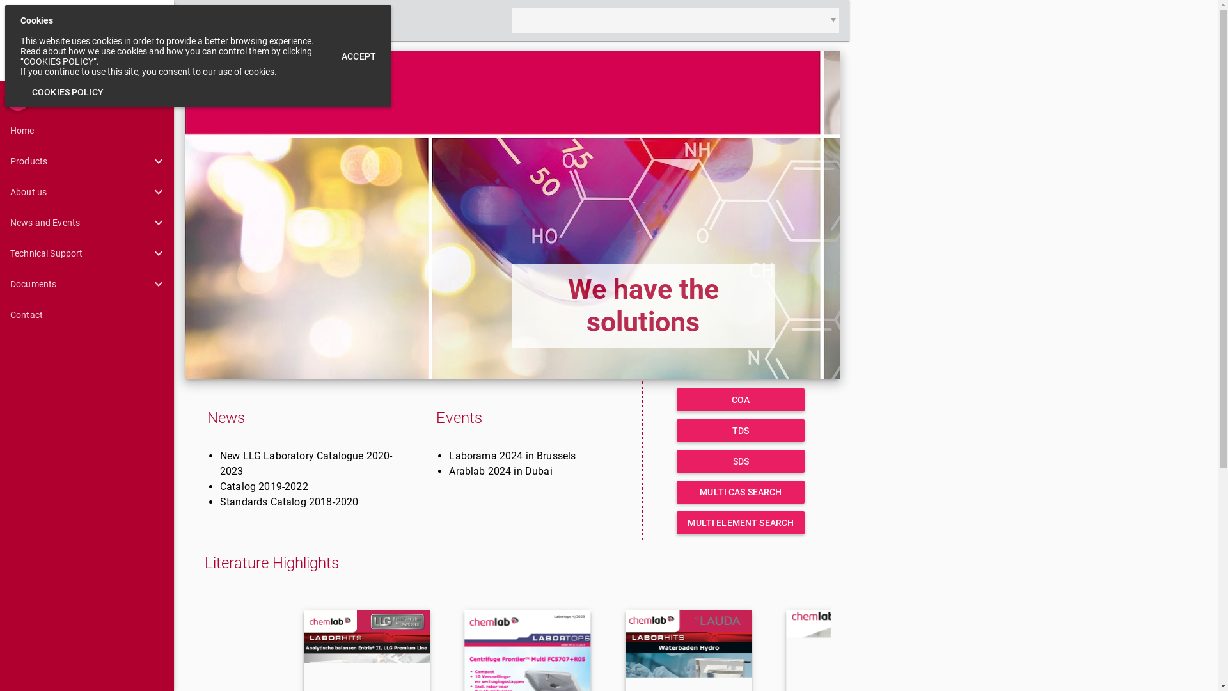 This screenshot has width=1228, height=691. I want to click on 'SDS', so click(740, 461).